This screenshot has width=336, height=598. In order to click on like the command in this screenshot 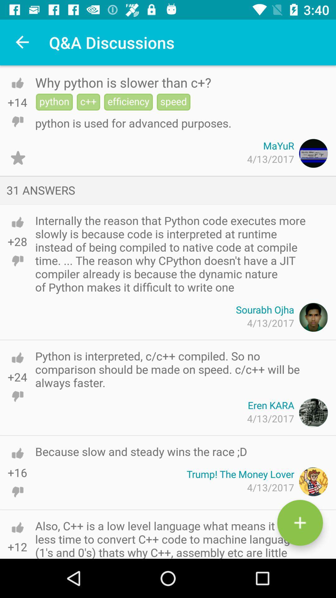, I will do `click(17, 453)`.